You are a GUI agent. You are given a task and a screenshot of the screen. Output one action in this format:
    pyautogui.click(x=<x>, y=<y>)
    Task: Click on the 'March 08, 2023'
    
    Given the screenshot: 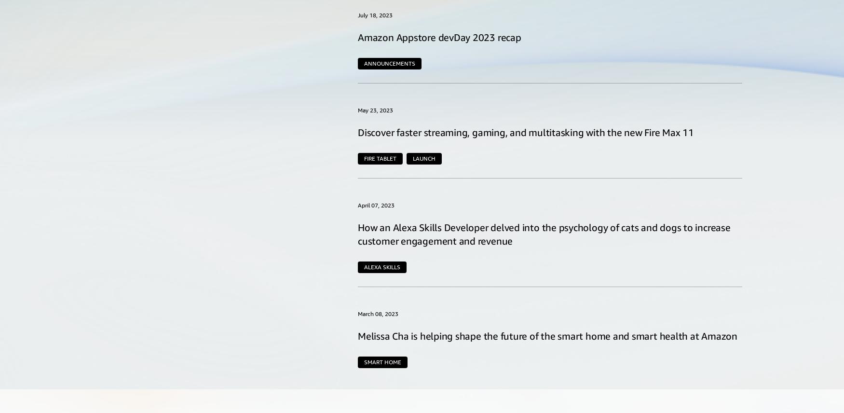 What is the action you would take?
    pyautogui.click(x=378, y=313)
    